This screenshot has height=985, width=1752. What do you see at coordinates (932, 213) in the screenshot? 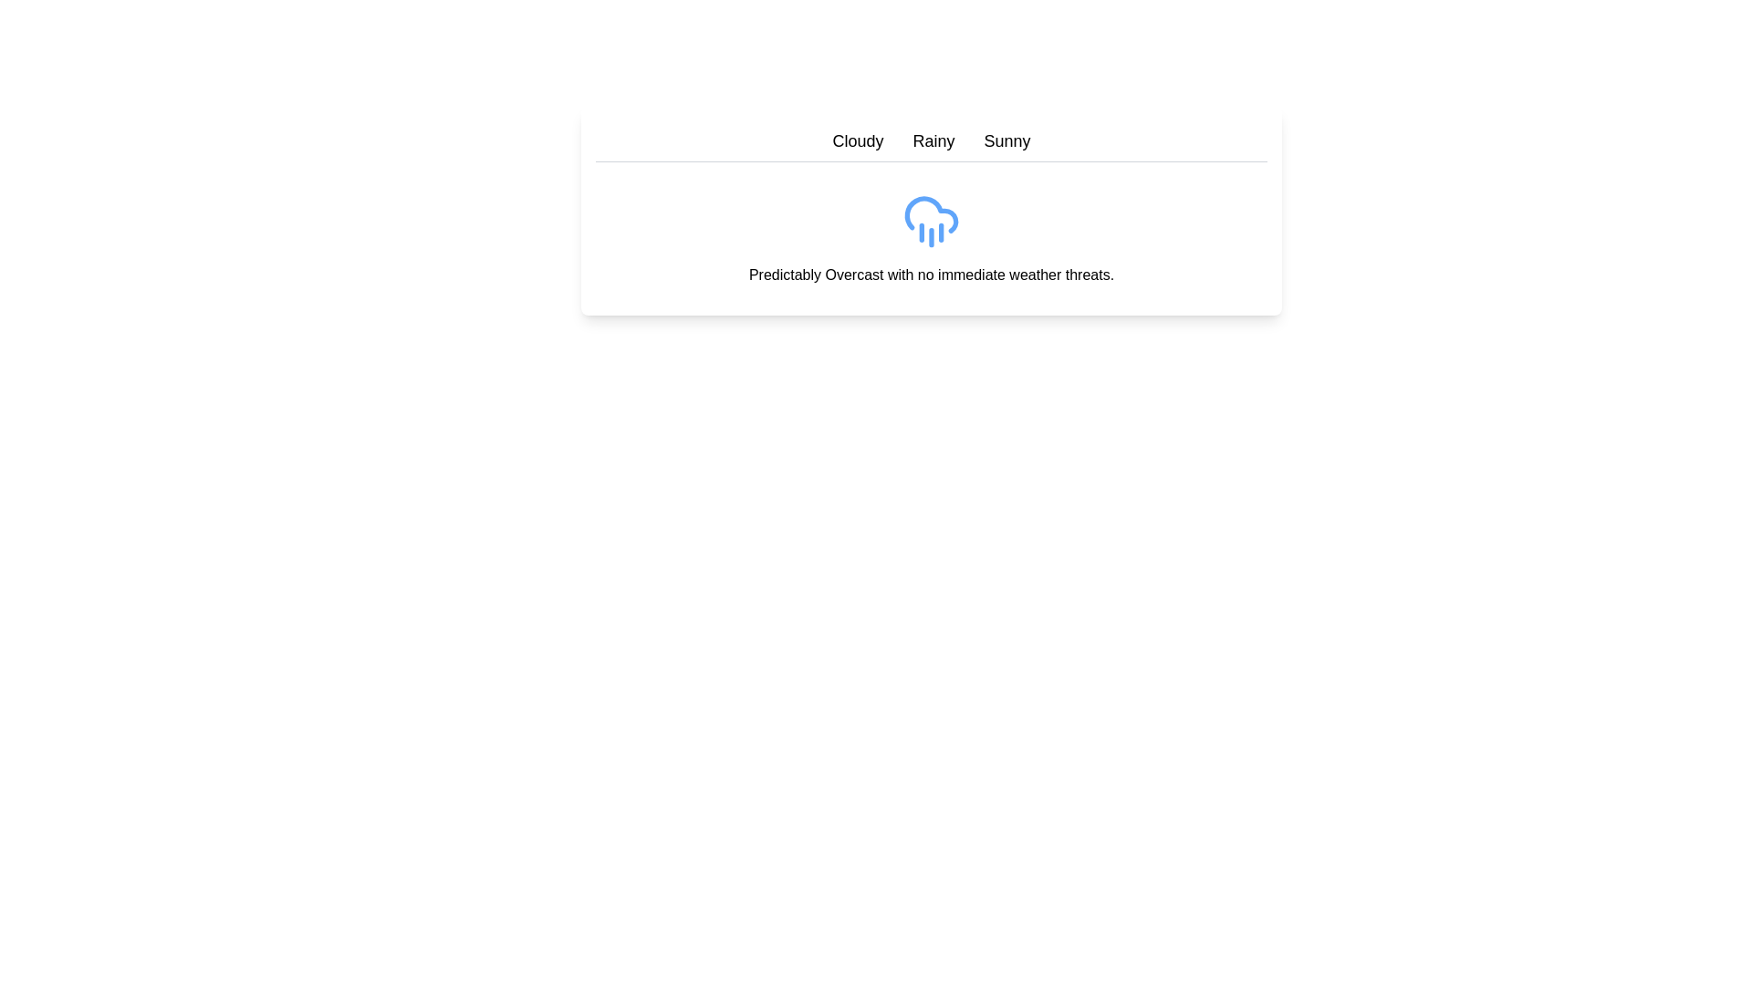
I see `the decorative vector graphic of a cloud with rain, which is part of the rainy weather icon located in the middle of the weather conditions row` at bounding box center [932, 213].